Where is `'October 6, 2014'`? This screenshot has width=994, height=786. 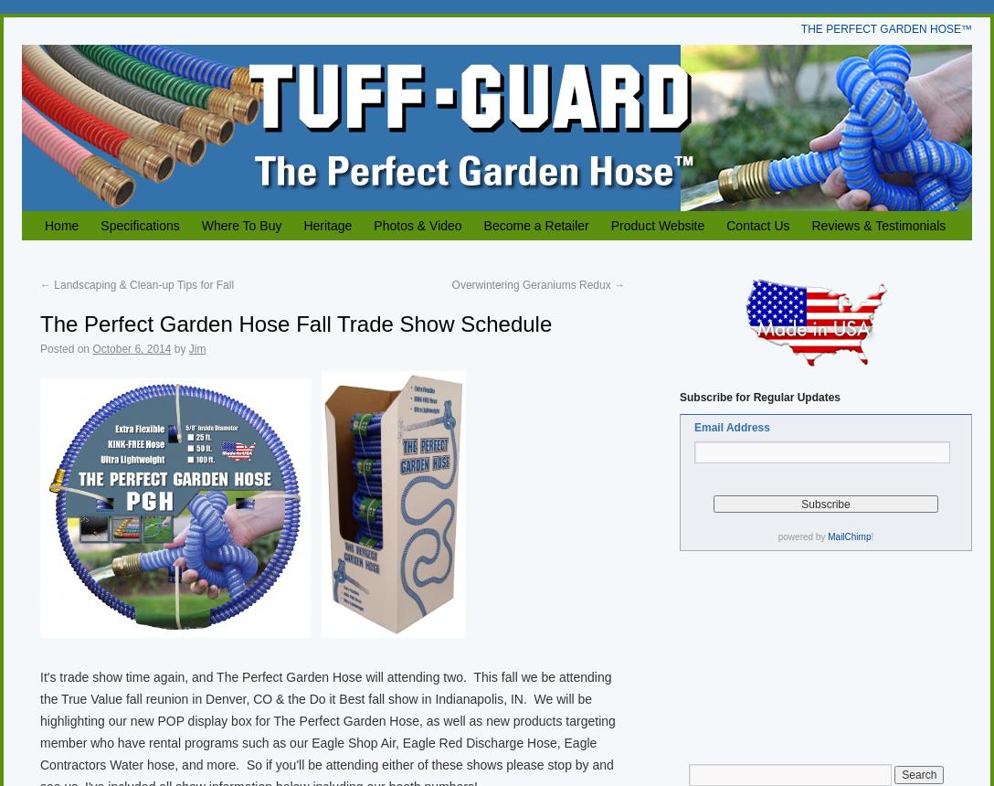
'October 6, 2014' is located at coordinates (131, 348).